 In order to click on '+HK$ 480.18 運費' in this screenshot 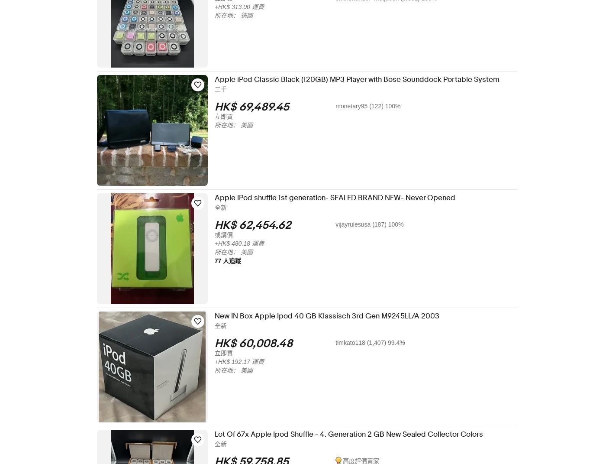, I will do `click(245, 243)`.